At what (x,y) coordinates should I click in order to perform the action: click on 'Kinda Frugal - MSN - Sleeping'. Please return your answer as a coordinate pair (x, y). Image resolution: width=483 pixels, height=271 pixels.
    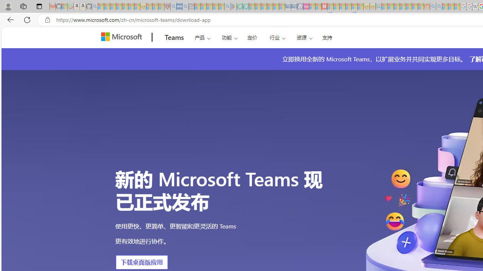
    Looking at the image, I should click on (408, 6).